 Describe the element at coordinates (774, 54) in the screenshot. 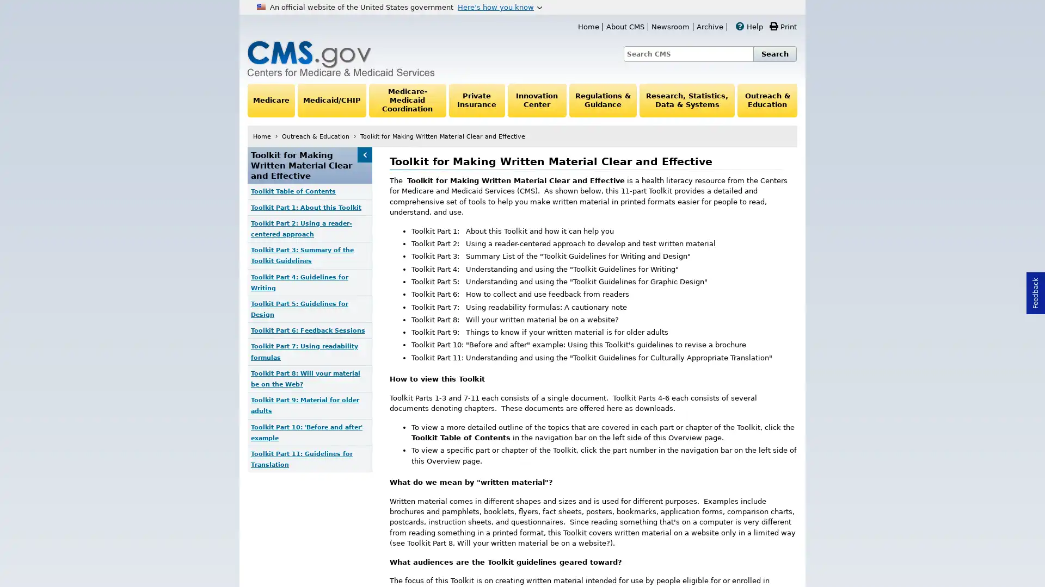

I see `Search` at that location.